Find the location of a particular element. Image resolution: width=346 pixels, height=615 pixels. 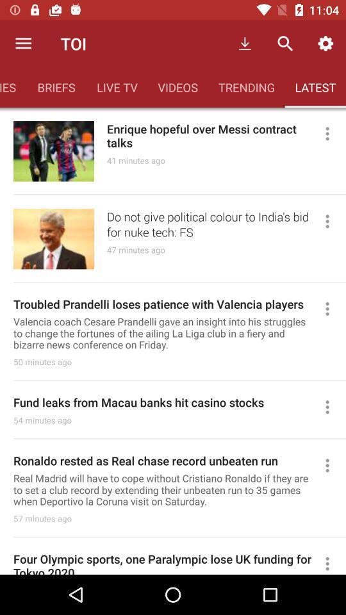

the menu which is at the bottom right side of the page is located at coordinates (333, 562).